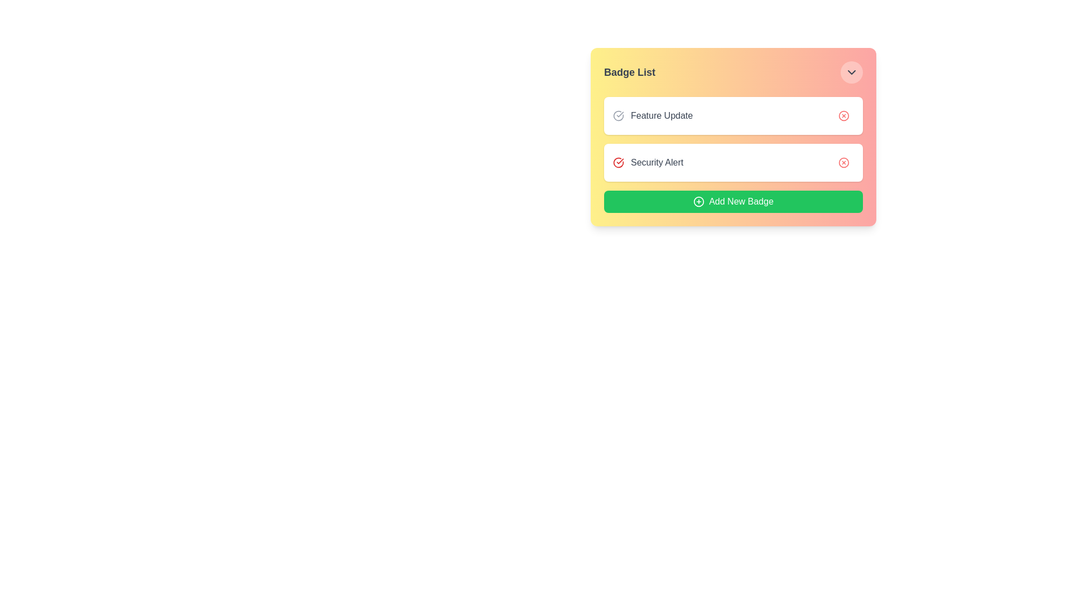 The height and width of the screenshot is (602, 1071). I want to click on the status icon that indicates a feature update, positioned to the left of the text 'Feature Update', so click(617, 116).